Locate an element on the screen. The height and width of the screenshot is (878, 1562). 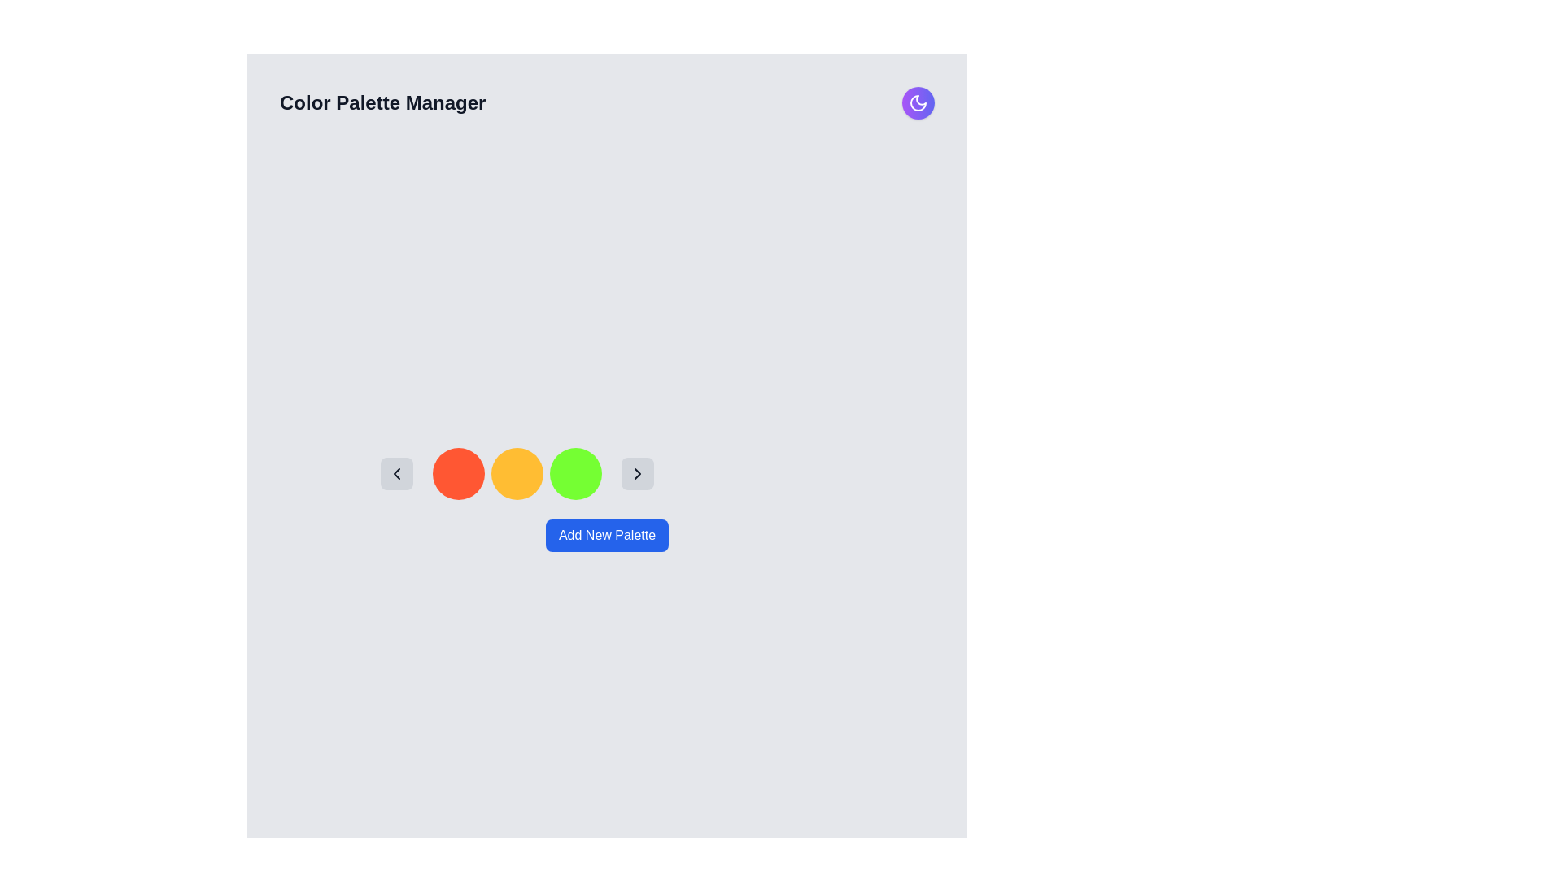
the rightmost navigation button with a light gray background and a right-pointing chevron icon to trigger hover effects is located at coordinates (636, 473).